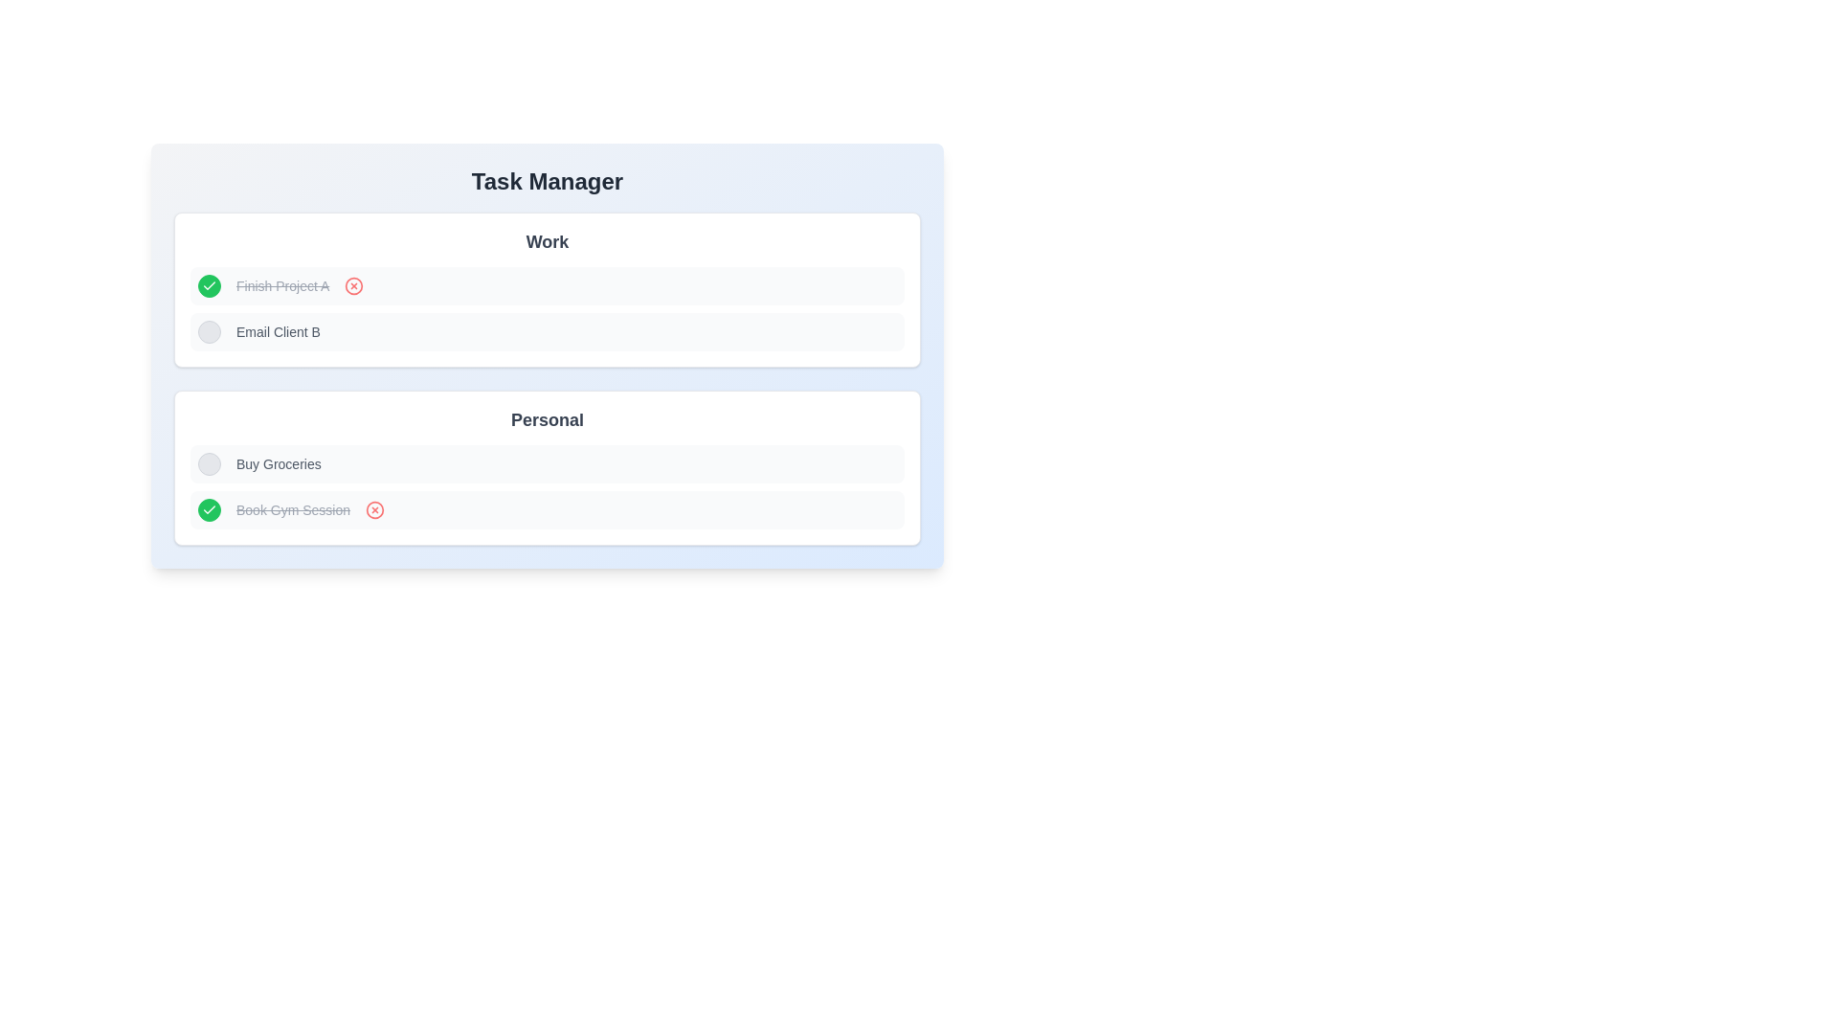 The width and height of the screenshot is (1838, 1034). I want to click on the circular green icon with a white check mark located next to the struck-through text 'Book Gym Session' in the 'Personal' section, so click(210, 508).